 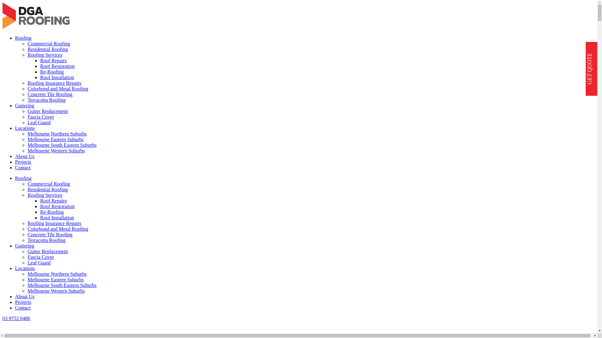 What do you see at coordinates (23, 178) in the screenshot?
I see `'Roofing'` at bounding box center [23, 178].